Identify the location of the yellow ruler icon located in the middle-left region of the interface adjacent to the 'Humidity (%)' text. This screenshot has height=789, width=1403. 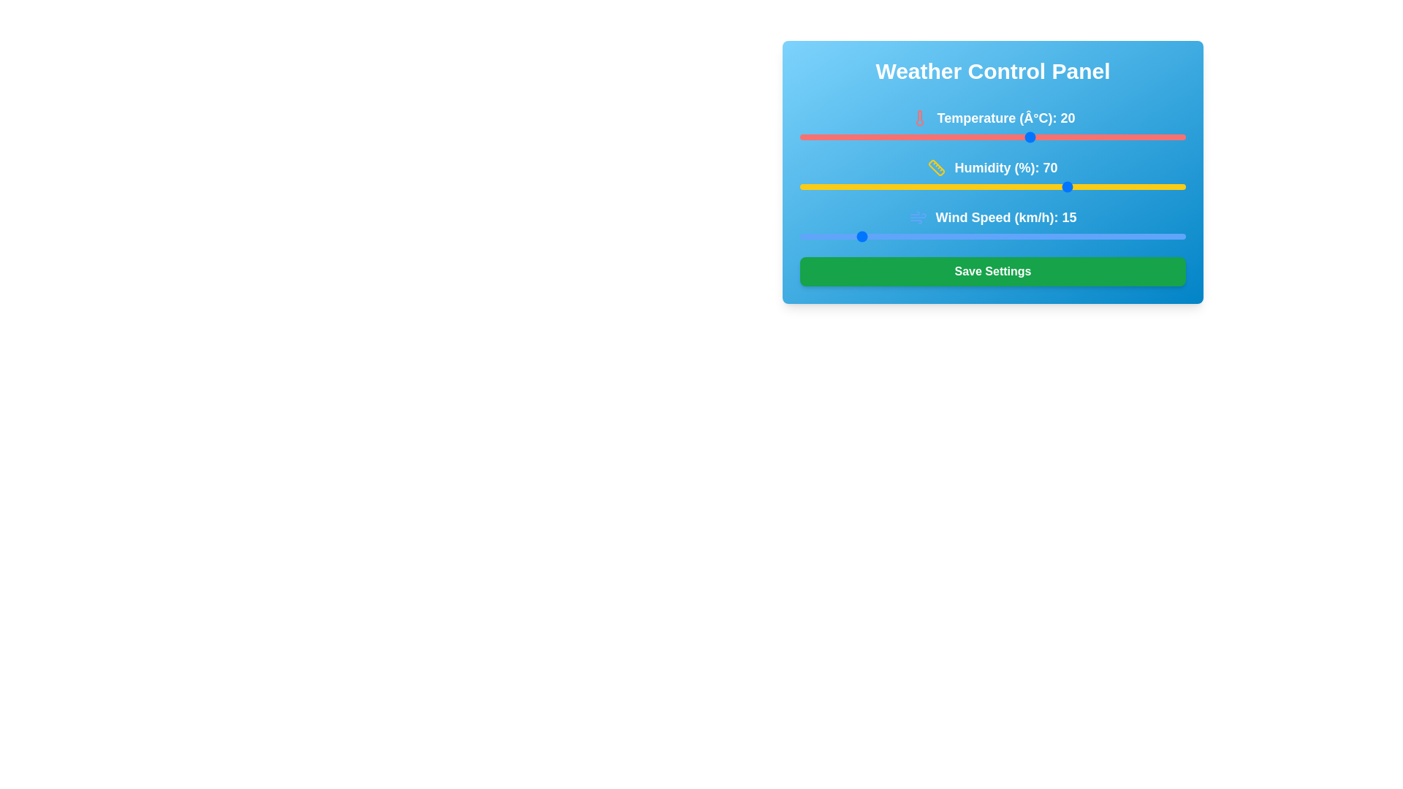
(937, 167).